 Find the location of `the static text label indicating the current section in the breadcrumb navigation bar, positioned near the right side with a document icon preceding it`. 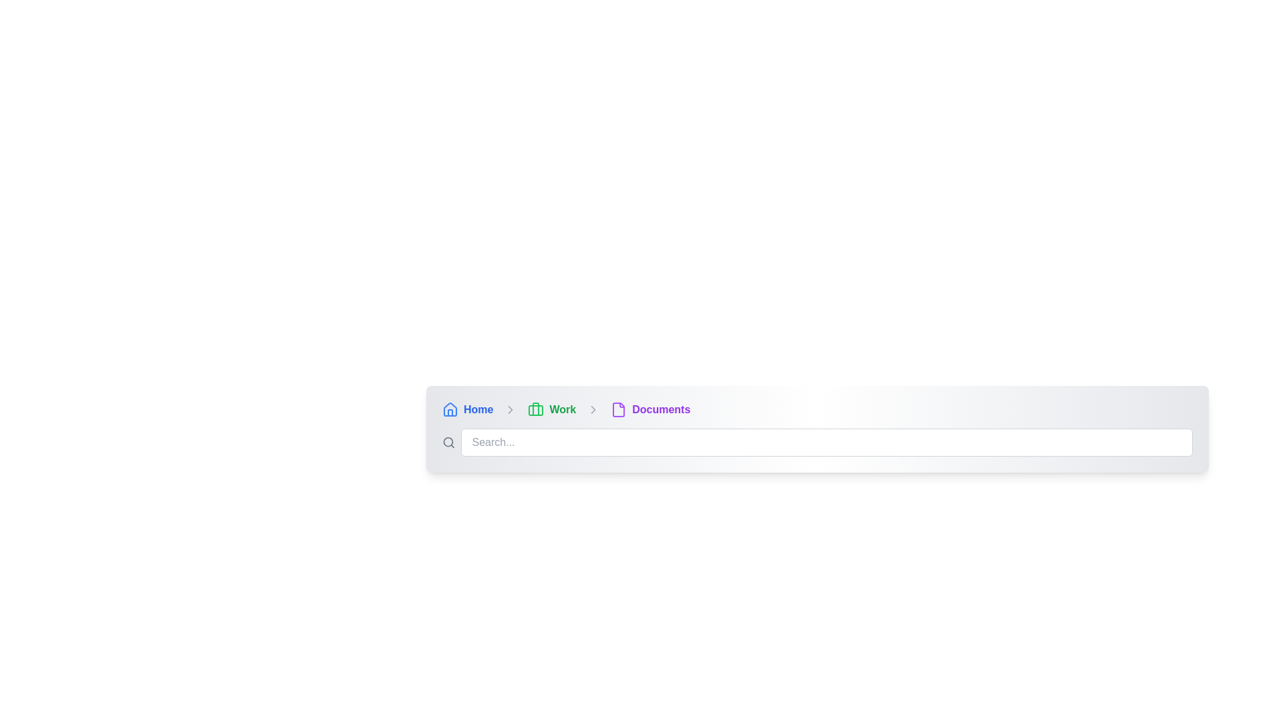

the static text label indicating the current section in the breadcrumb navigation bar, positioned near the right side with a document icon preceding it is located at coordinates (661, 409).